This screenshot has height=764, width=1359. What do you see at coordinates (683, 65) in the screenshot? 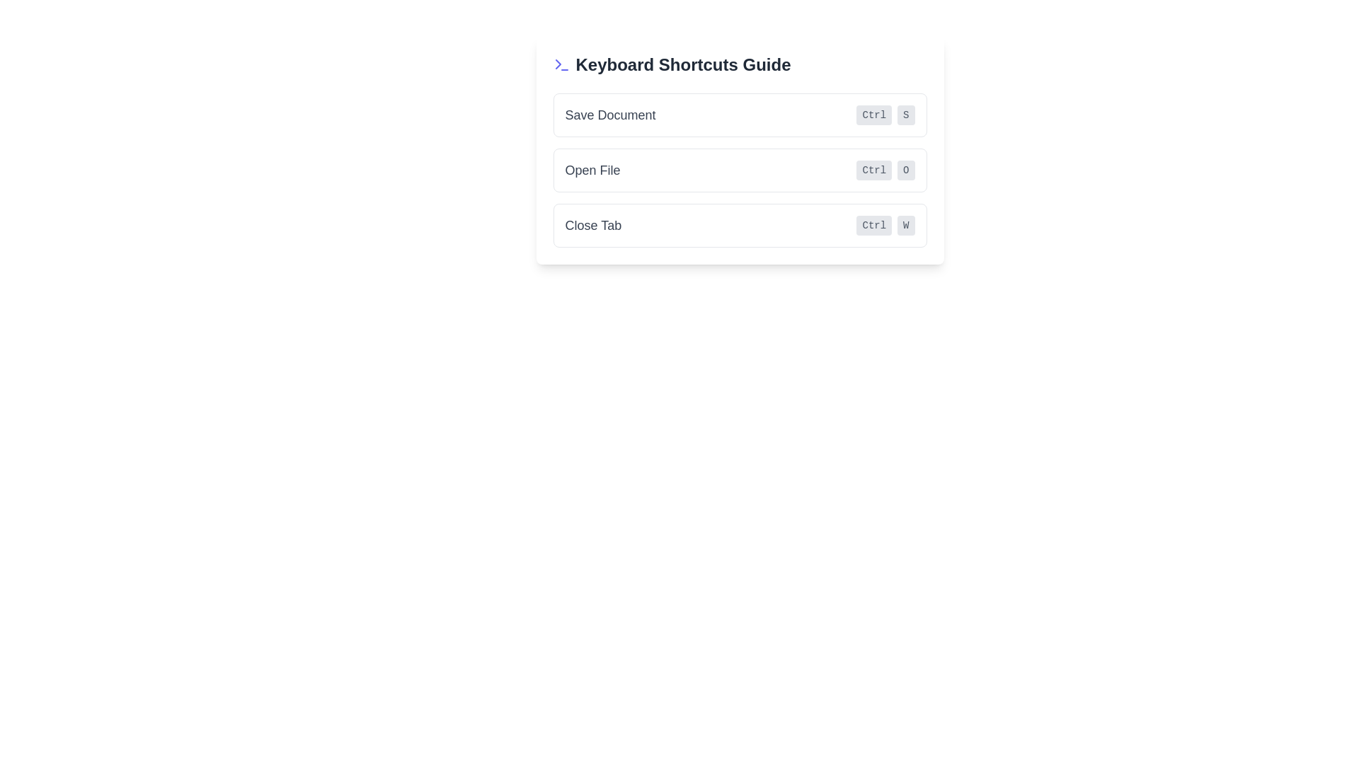
I see `the text 'Keyboard Shortcuts Guide' which is a prominent bold header displayed in dark-gray font at the top of the interface` at bounding box center [683, 65].